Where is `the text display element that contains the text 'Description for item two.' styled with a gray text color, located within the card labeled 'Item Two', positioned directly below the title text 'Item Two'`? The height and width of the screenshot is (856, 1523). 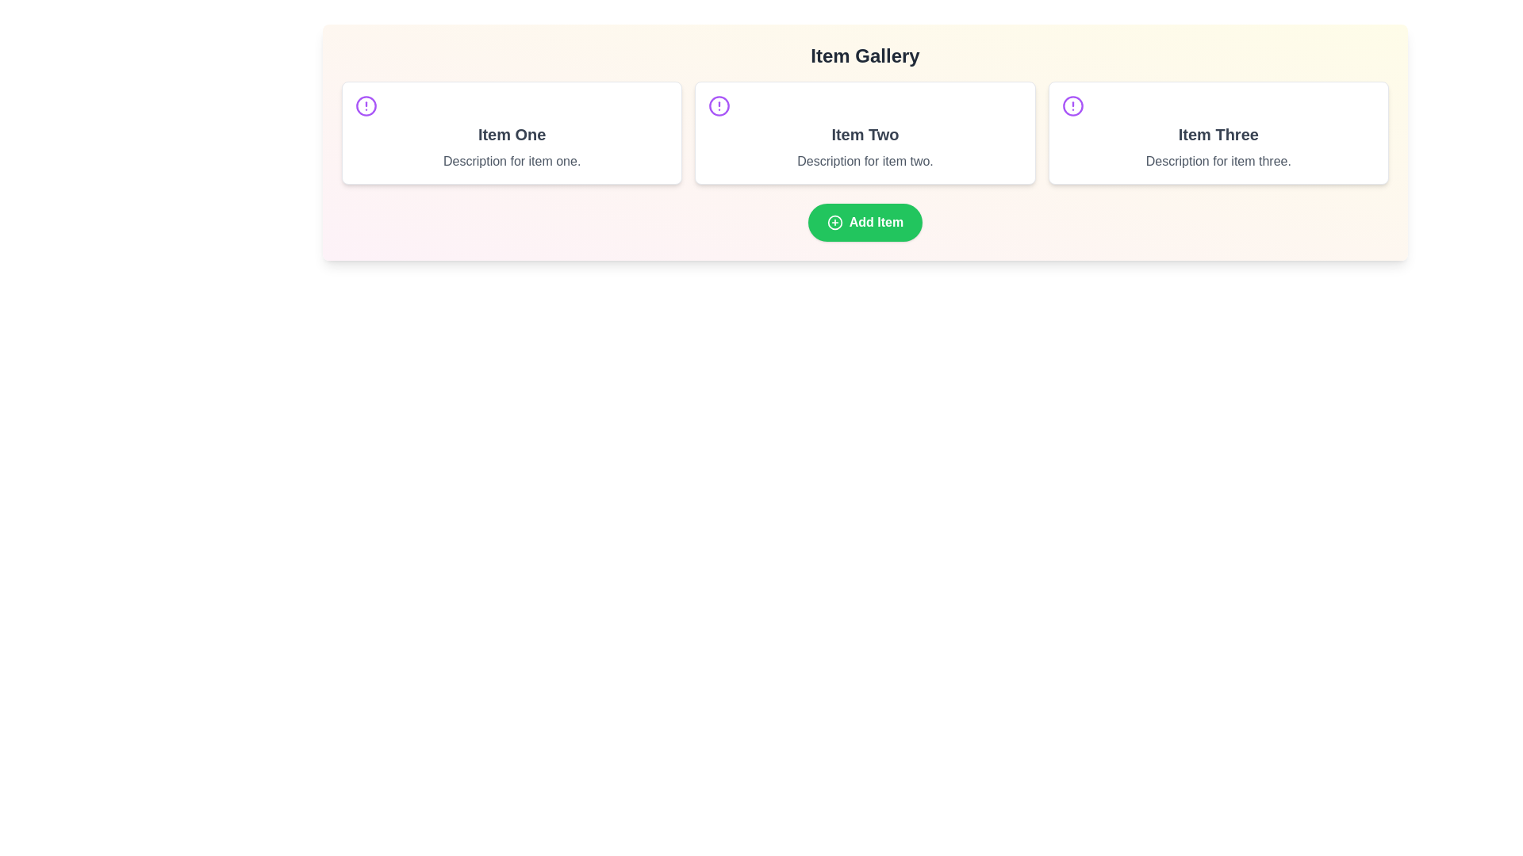 the text display element that contains the text 'Description for item two.' styled with a gray text color, located within the card labeled 'Item Two', positioned directly below the title text 'Item Two' is located at coordinates (864, 162).